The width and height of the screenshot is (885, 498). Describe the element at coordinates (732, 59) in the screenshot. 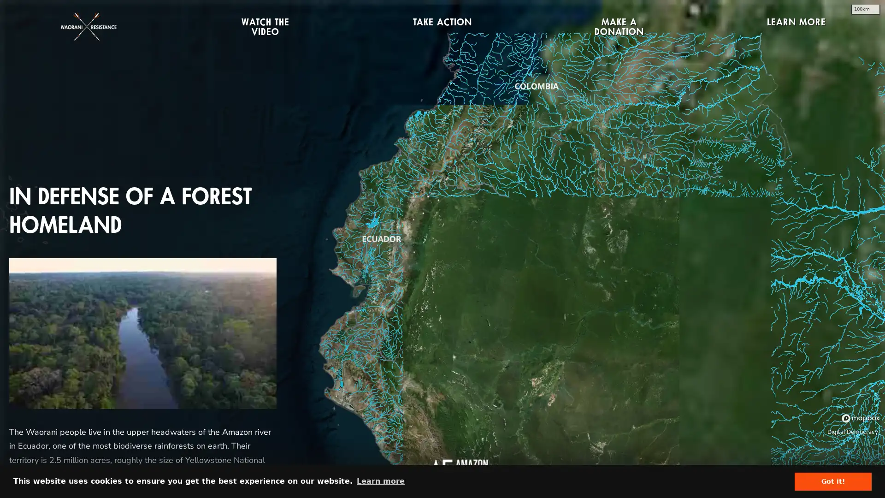

I see `CLOSE` at that location.